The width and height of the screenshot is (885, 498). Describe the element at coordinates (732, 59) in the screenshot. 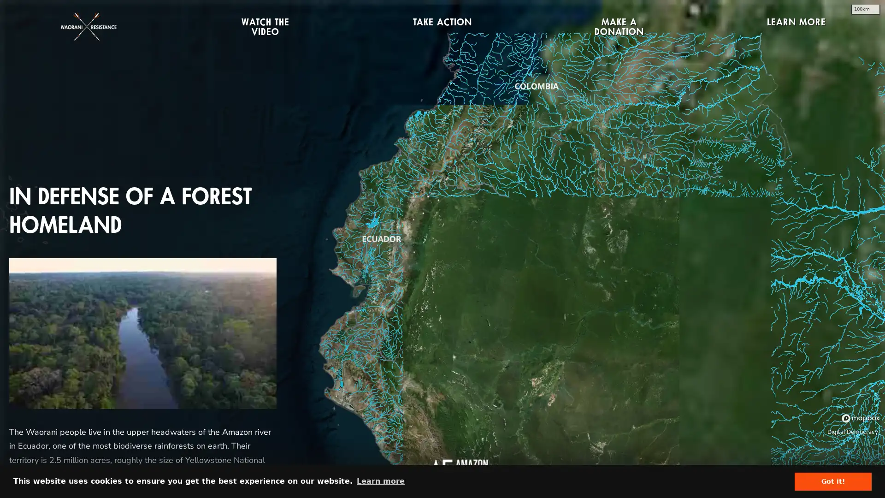

I see `CLOSE` at that location.